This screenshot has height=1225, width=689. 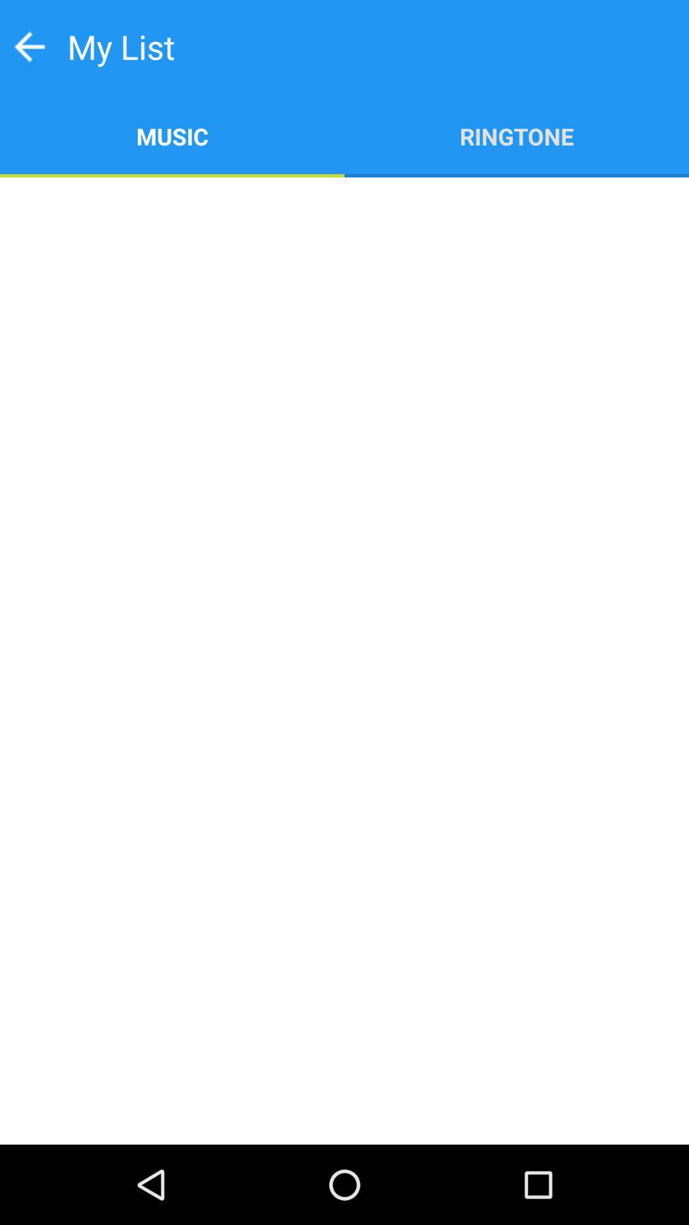 What do you see at coordinates (517, 135) in the screenshot?
I see `item to the right of music icon` at bounding box center [517, 135].